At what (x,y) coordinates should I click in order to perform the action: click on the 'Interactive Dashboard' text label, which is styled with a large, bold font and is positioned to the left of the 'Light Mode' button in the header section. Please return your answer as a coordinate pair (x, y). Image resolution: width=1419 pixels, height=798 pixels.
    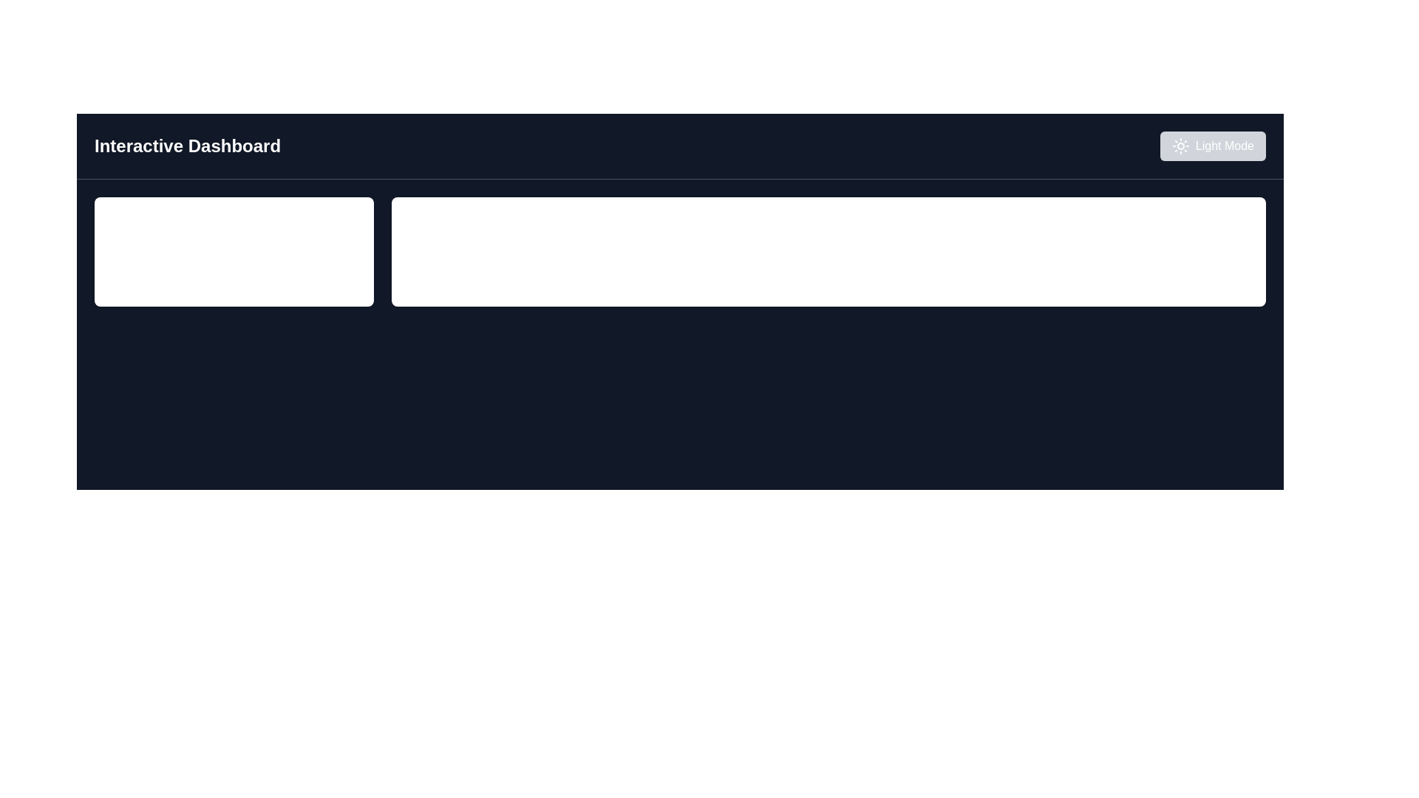
    Looking at the image, I should click on (187, 146).